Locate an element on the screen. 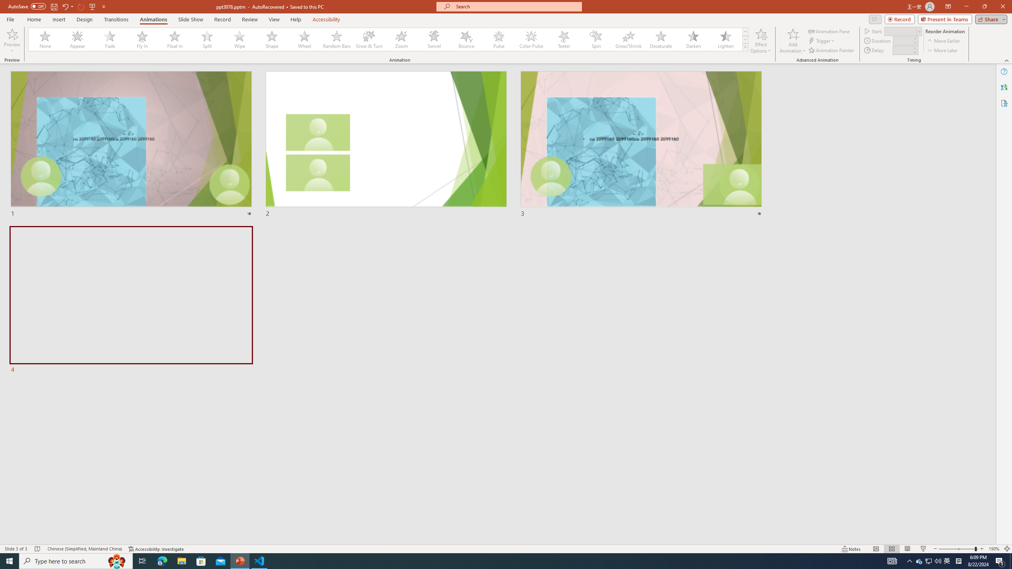 The height and width of the screenshot is (569, 1012). 'Pulse' is located at coordinates (498, 39).